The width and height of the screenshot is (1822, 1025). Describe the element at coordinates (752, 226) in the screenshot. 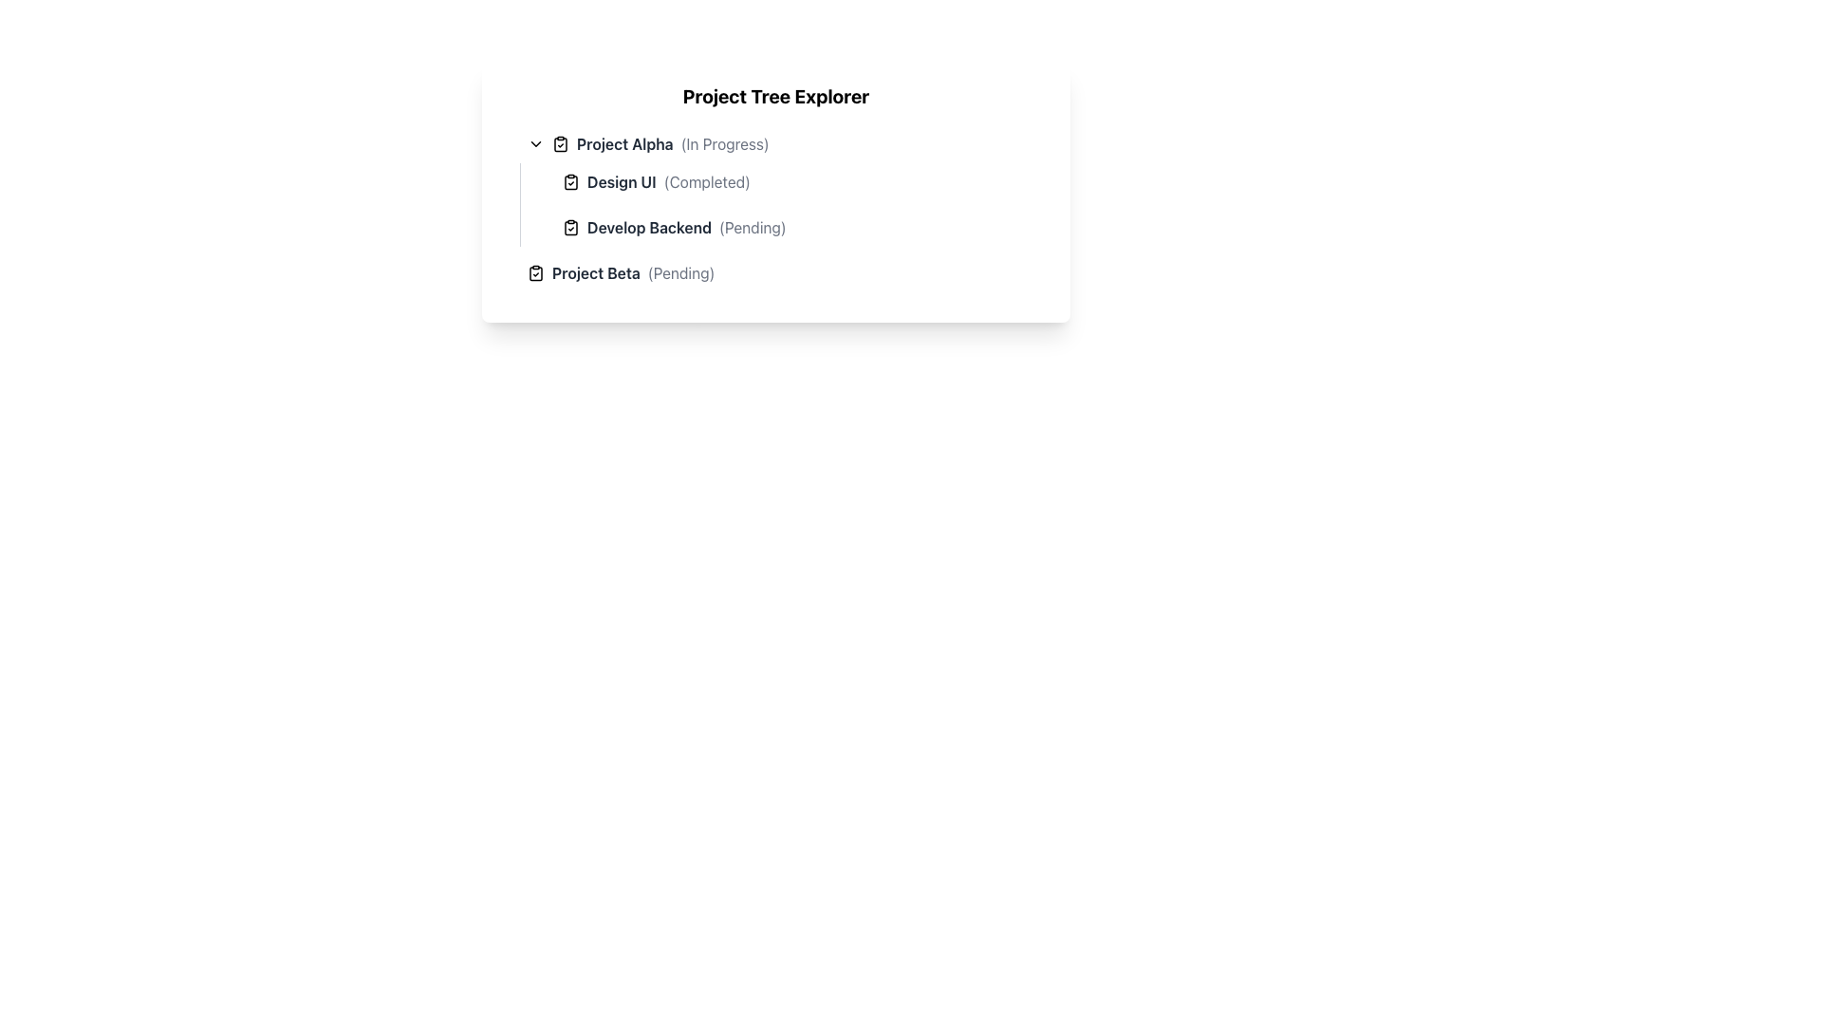

I see `the Text Label indicating the status of the 'Develop Backend' task, which shows it is currently pending, located to the right of the 'Develop Backend' text in the 'Project Alpha' section of the project tree explorer` at that location.